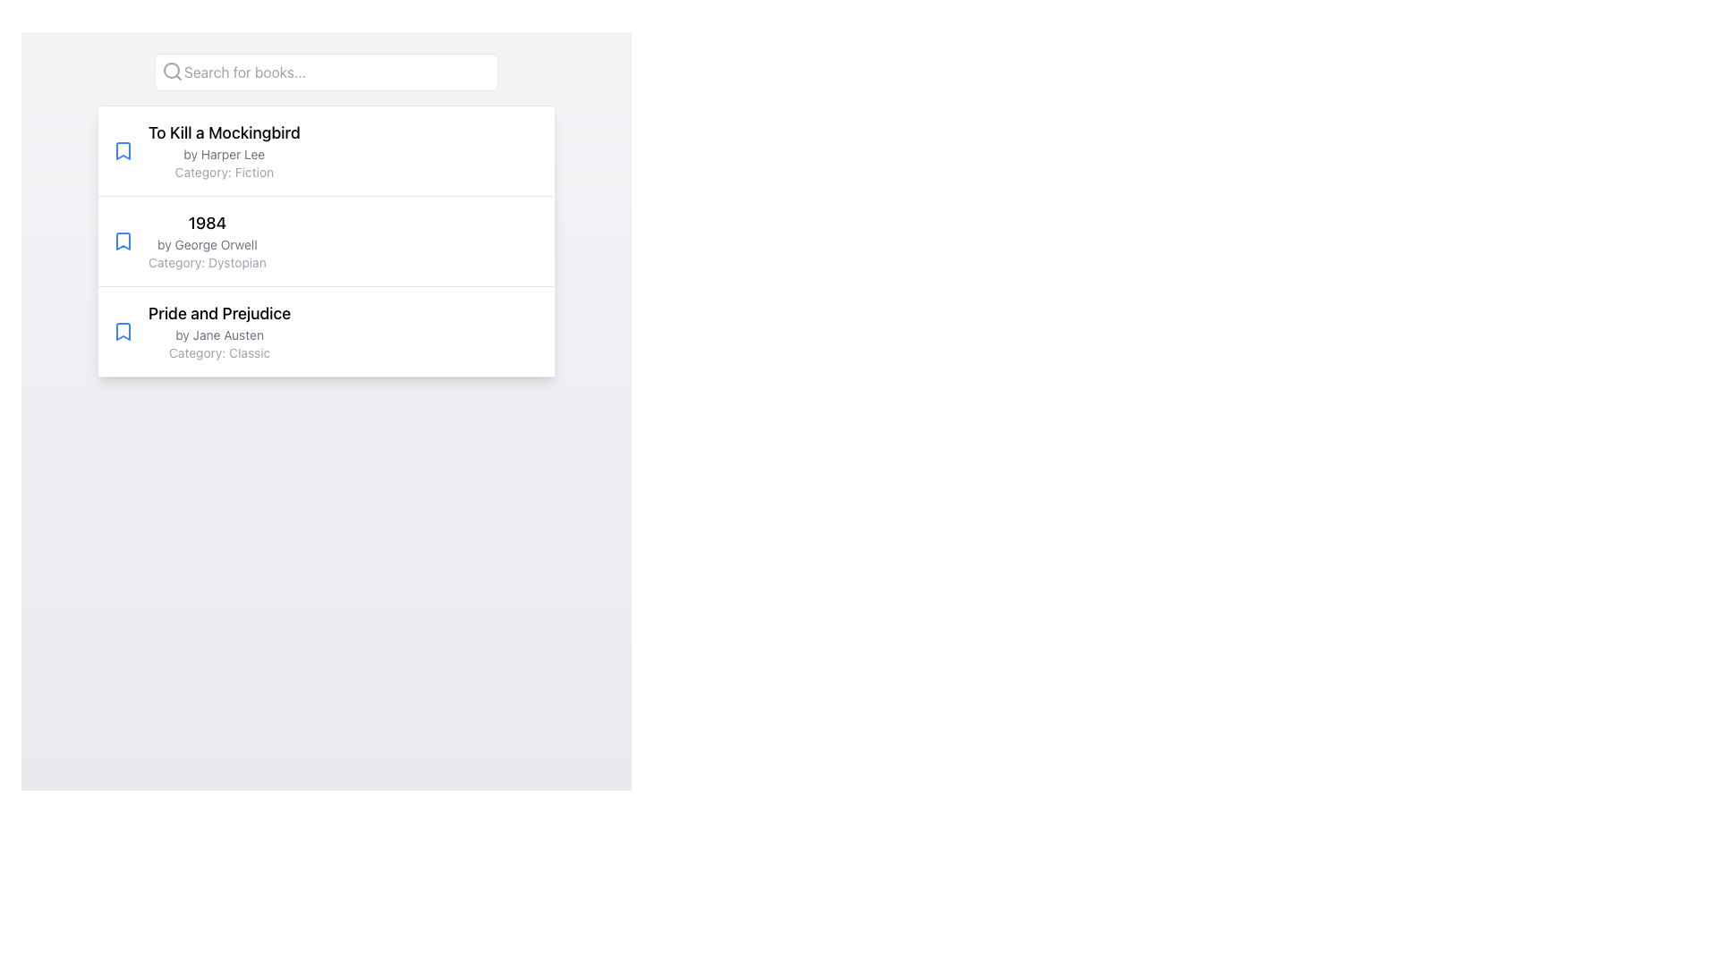 This screenshot has width=1718, height=966. I want to click on the first entry in the book list that displays book details, including the title, author, and category, so click(326, 150).